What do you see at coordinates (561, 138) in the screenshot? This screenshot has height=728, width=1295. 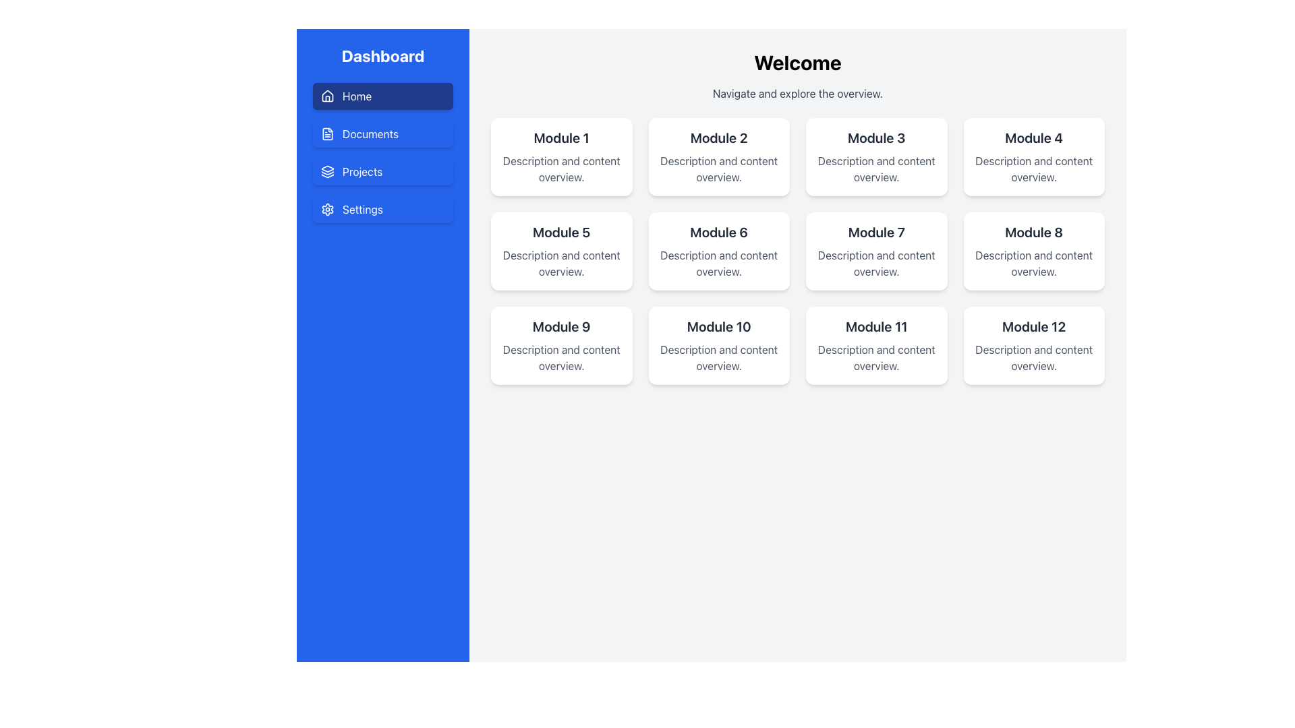 I see `the text label displaying 'Module 1' in bold dark gray font, which is positioned at the top of the card layout in the main content area` at bounding box center [561, 138].